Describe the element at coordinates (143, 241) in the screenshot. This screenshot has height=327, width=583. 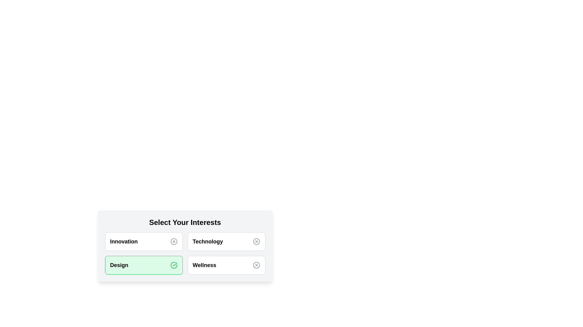
I see `the category Innovation by clicking on it` at that location.